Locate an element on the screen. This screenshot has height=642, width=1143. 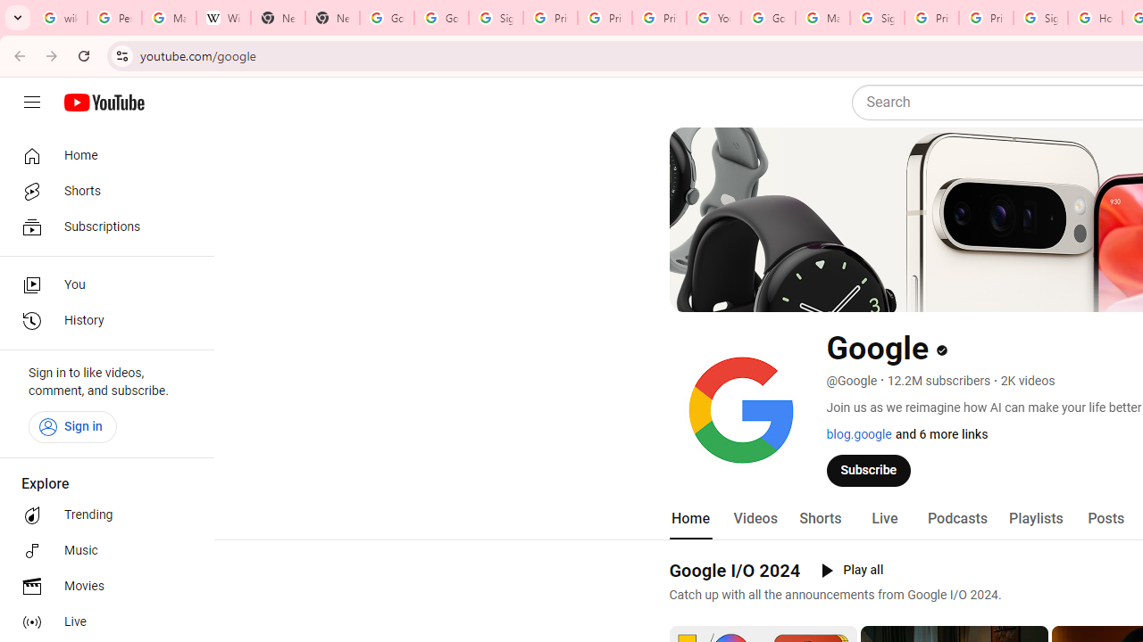
'Subscriptions' is located at coordinates (100, 226).